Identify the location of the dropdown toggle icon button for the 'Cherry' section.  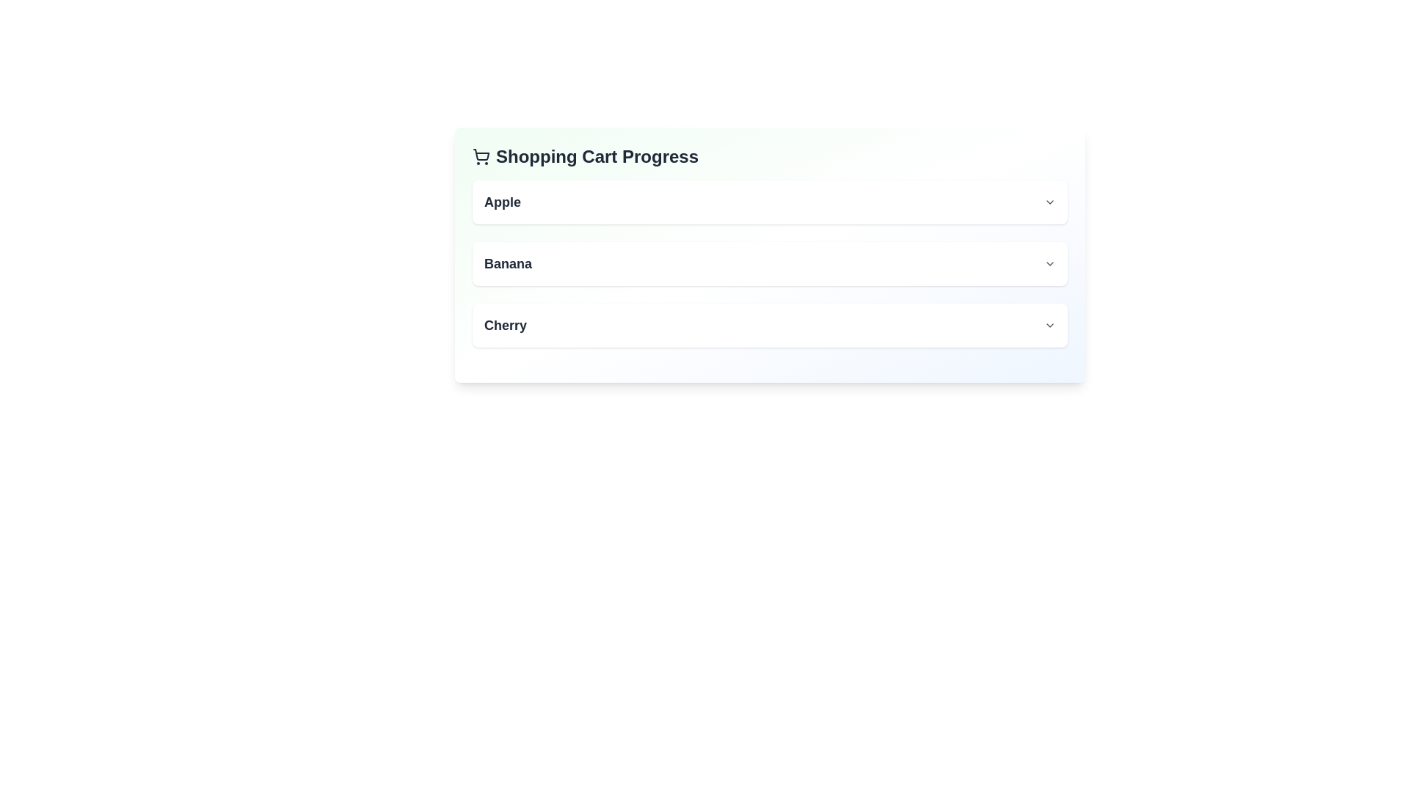
(1049, 324).